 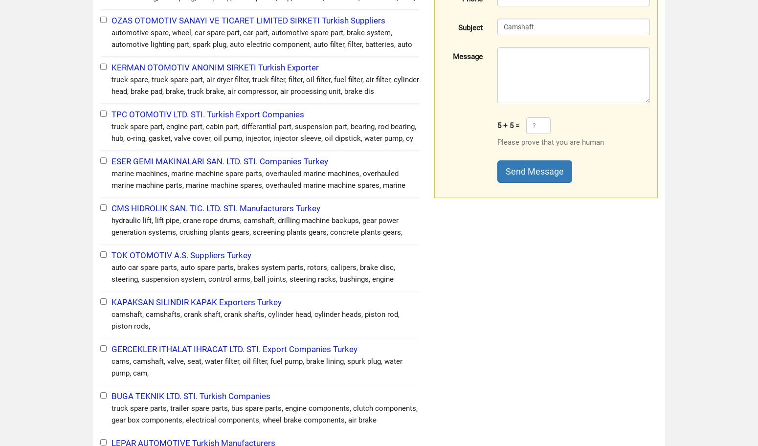 What do you see at coordinates (197, 301) in the screenshot?
I see `'KAPAKSAN SILINDIR KAPAK Exporters Turkey'` at bounding box center [197, 301].